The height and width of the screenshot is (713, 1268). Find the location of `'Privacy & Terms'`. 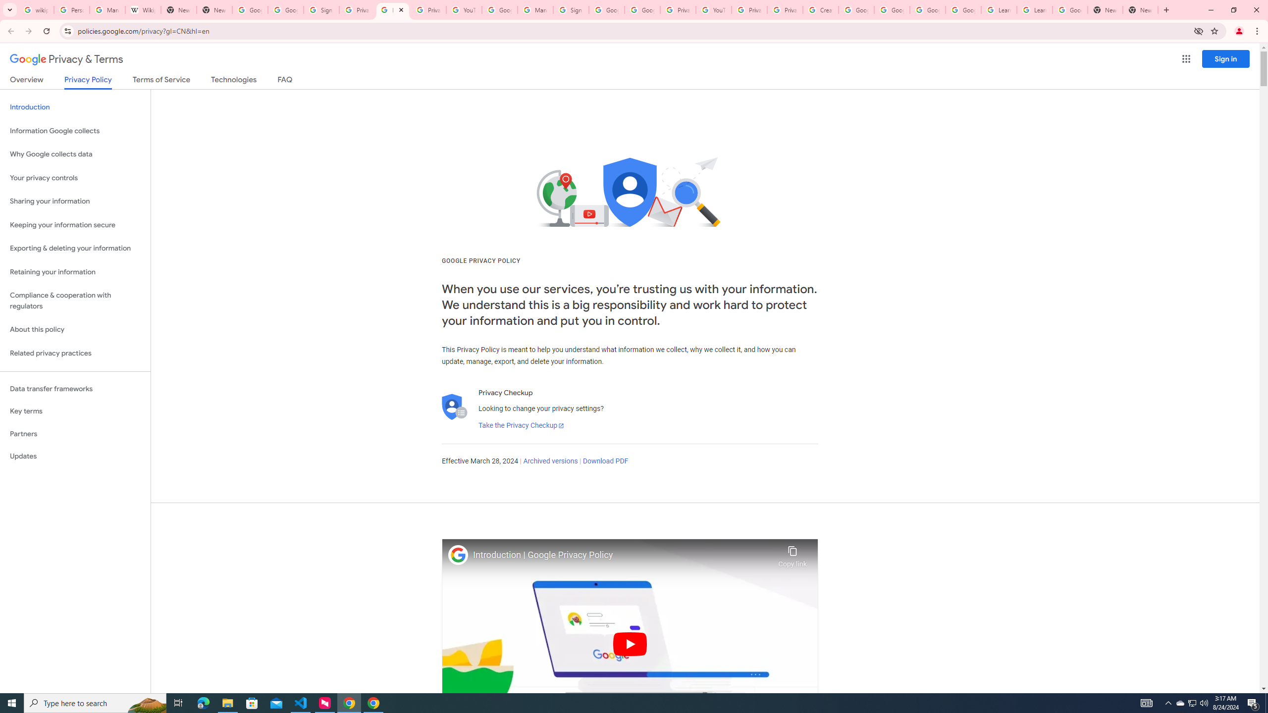

'Privacy & Terms' is located at coordinates (66, 59).